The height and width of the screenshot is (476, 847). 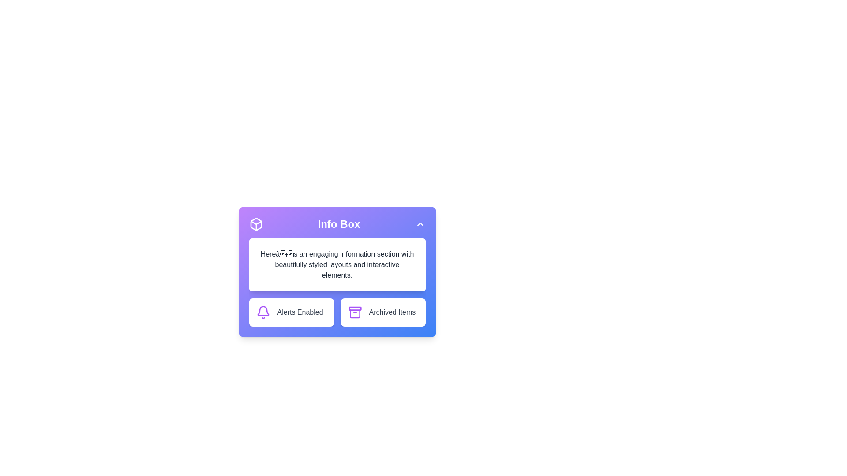 What do you see at coordinates (337, 264) in the screenshot?
I see `the Text box located in the 'Info Box' section, positioned below the header and above the action buttons 'Alerts Enabled' and 'Archived Items'` at bounding box center [337, 264].